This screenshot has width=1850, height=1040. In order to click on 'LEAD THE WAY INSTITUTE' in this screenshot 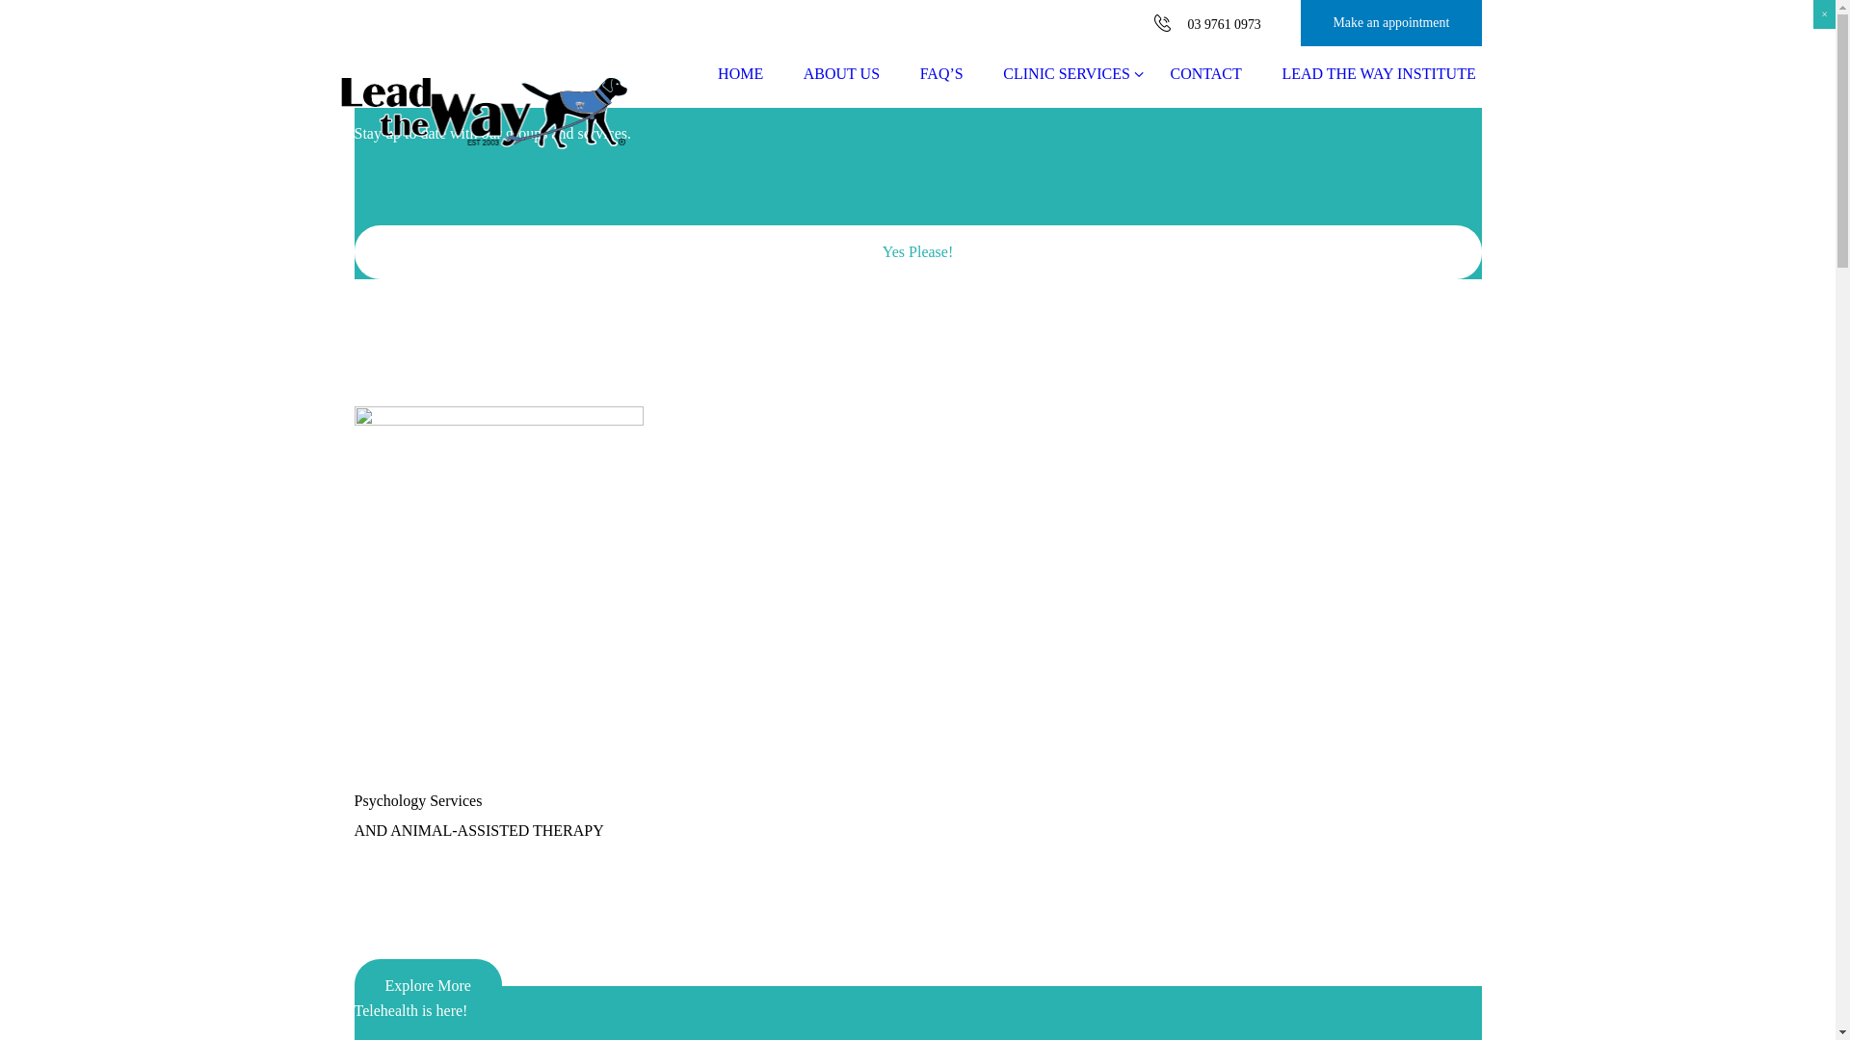, I will do `click(1378, 73)`.